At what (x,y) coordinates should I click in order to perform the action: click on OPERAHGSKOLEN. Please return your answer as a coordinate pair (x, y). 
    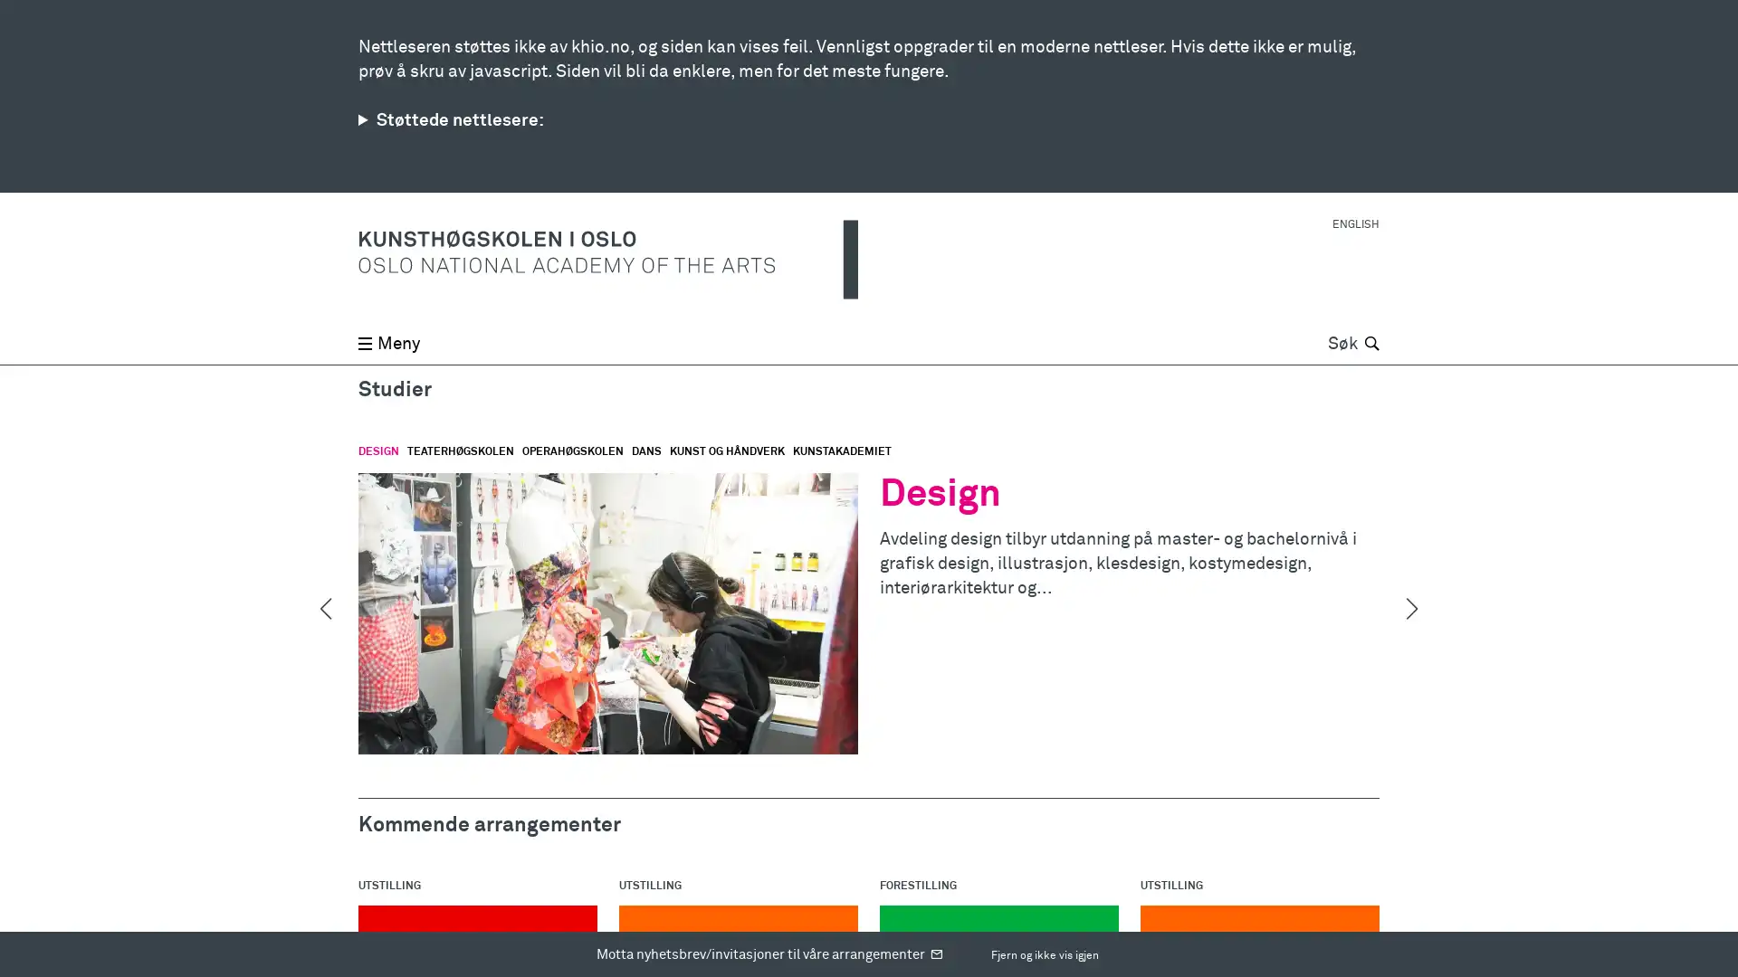
    Looking at the image, I should click on (572, 452).